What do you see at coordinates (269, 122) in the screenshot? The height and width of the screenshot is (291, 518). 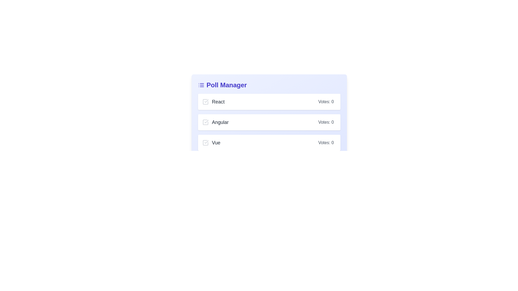 I see `the checkbox for the 'Angular' option in the Poll Manager` at bounding box center [269, 122].